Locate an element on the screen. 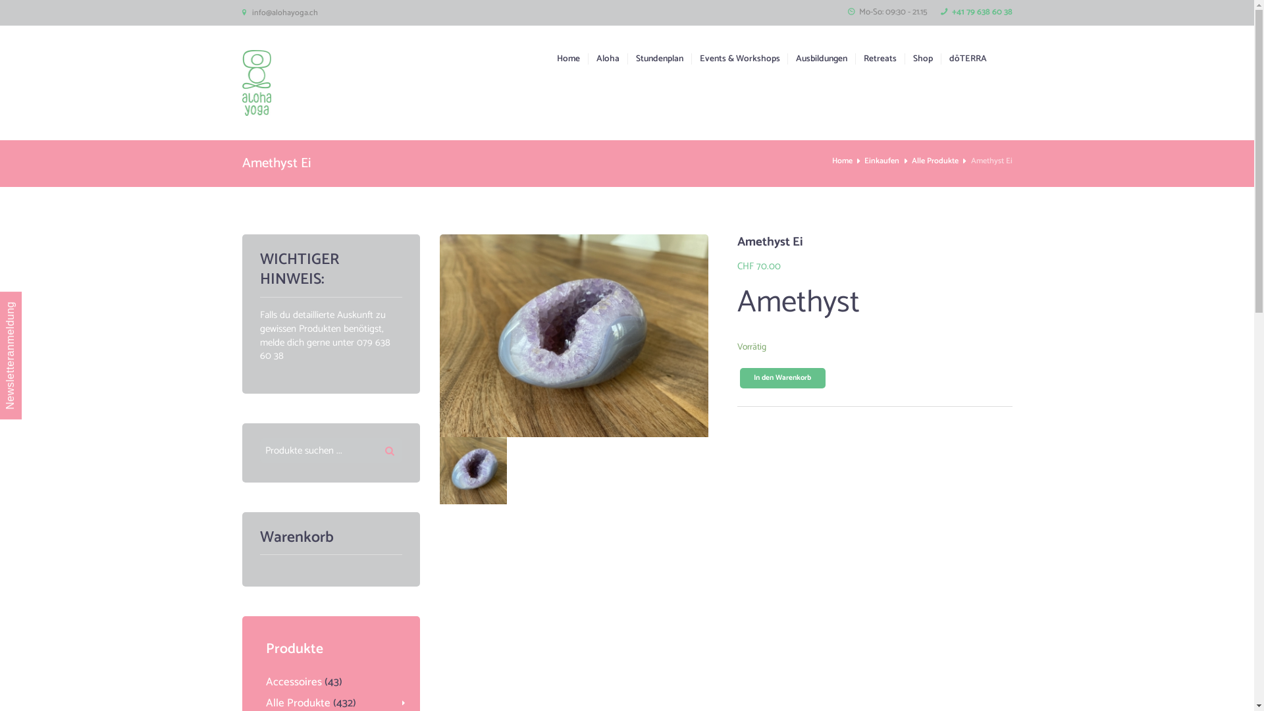  'IMG_2562' is located at coordinates (473, 469).